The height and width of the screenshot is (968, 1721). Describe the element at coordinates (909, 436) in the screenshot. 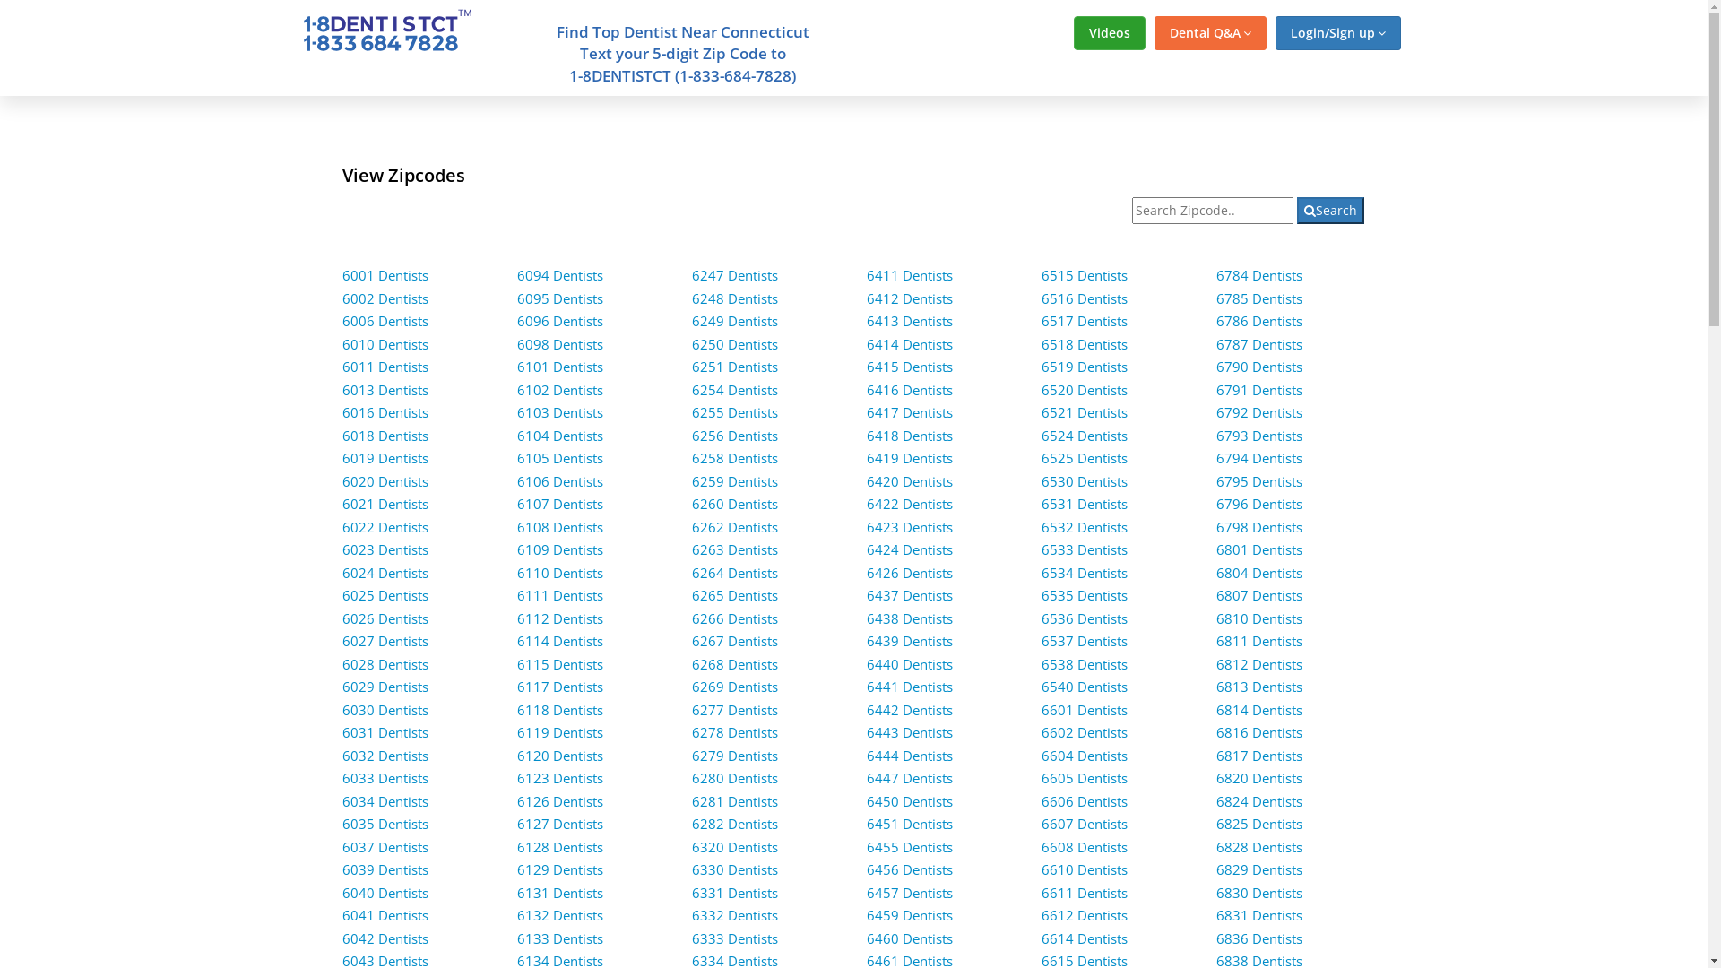

I see `'6418 Dentists'` at that location.